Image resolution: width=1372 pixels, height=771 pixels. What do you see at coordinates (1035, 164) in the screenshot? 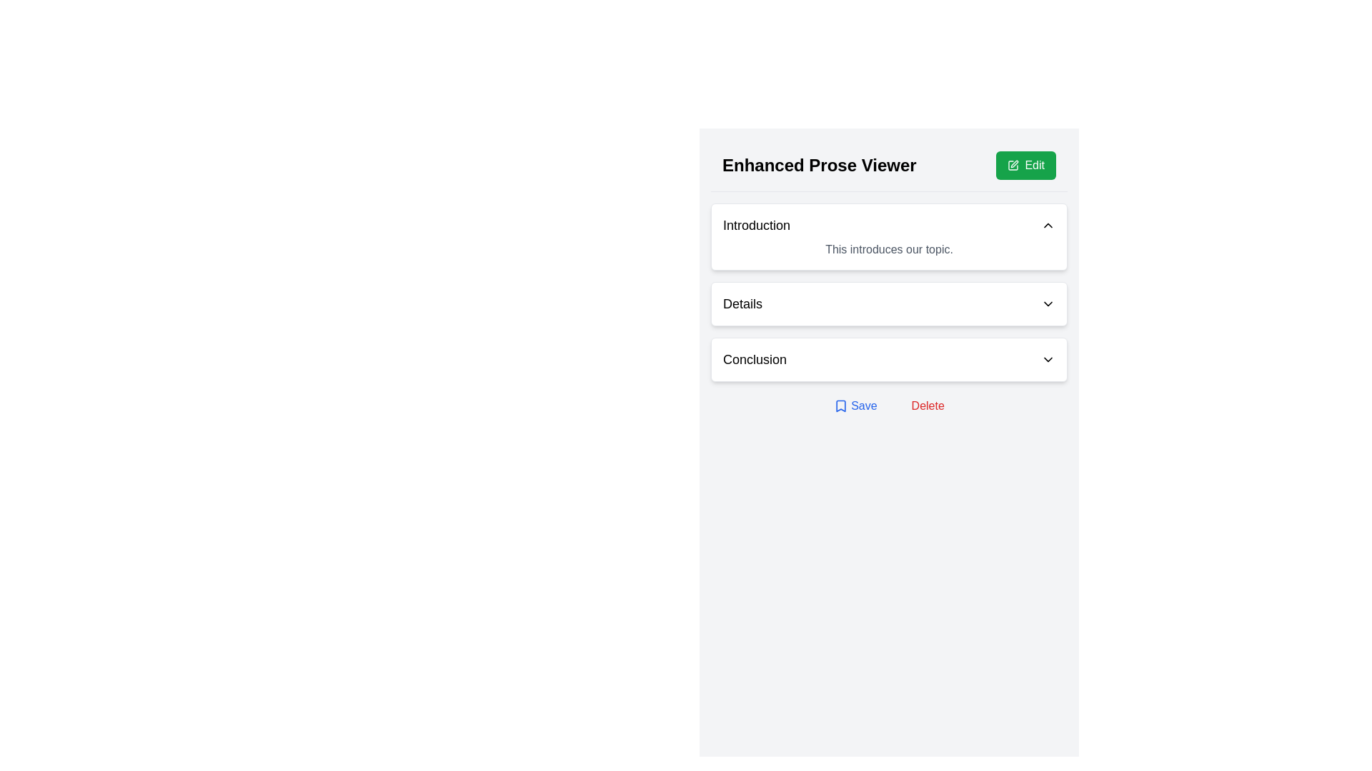
I see `the static text element labeled 'Edit' which indicates the function of the editing button located in the top-right corner of the main interface panel` at bounding box center [1035, 164].